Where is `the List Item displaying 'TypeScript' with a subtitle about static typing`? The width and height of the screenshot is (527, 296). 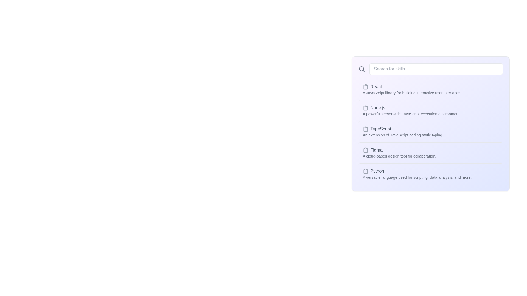 the List Item displaying 'TypeScript' with a subtitle about static typing is located at coordinates (403, 132).